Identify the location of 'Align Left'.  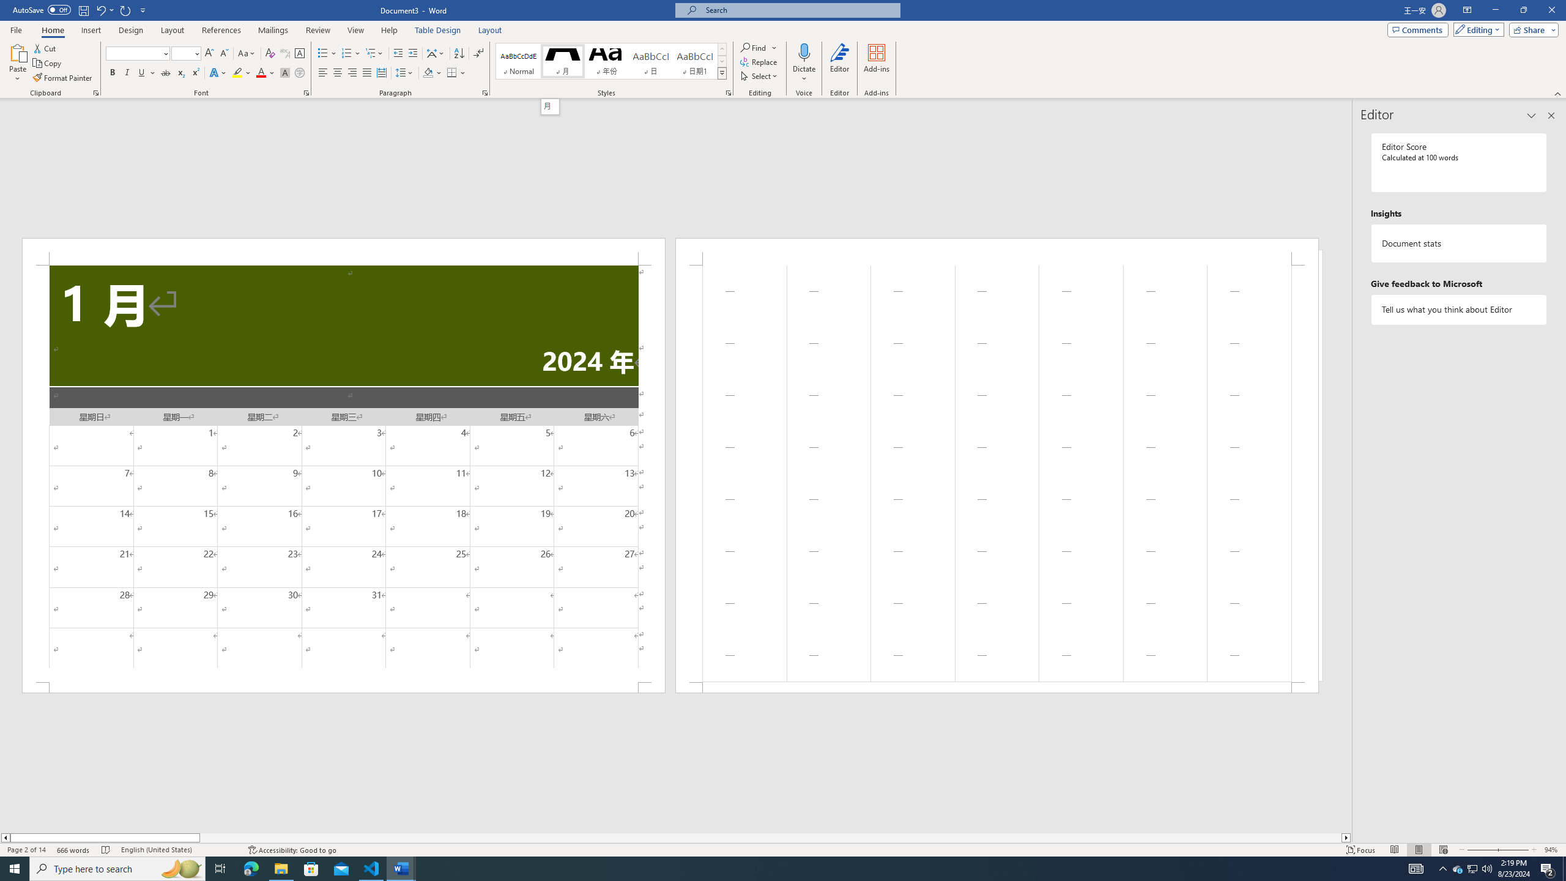
(322, 72).